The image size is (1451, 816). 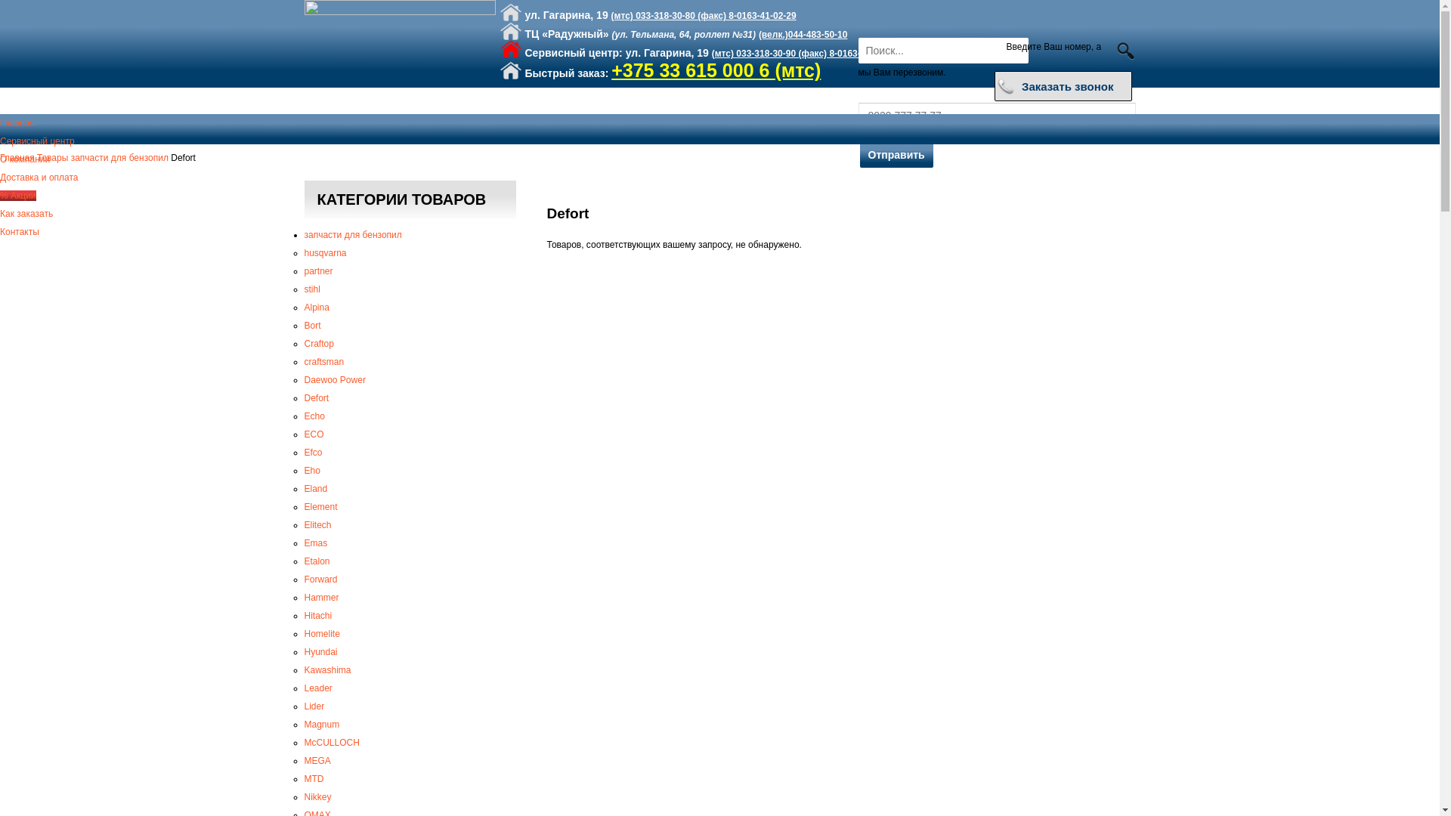 I want to click on 'Elitech', so click(x=303, y=524).